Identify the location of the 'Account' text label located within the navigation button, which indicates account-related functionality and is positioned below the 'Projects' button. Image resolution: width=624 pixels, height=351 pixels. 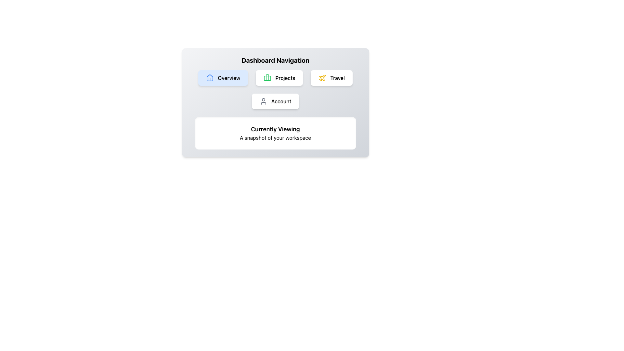
(281, 101).